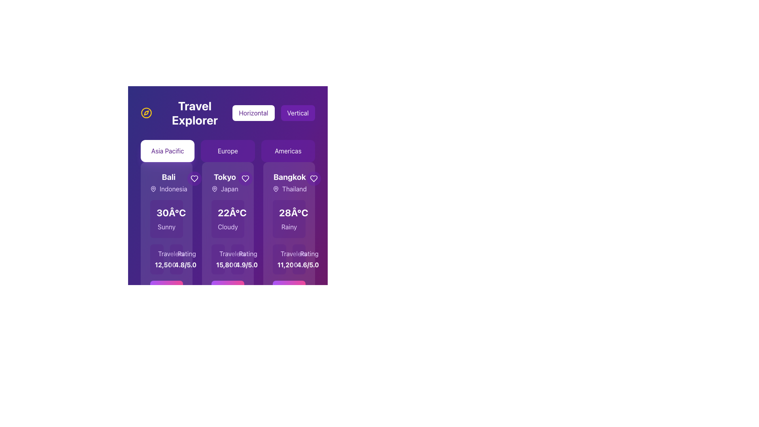 The width and height of the screenshot is (759, 427). I want to click on the outlined pin icon located below the title 'Tokyo' and above the text '22°C', aligned in the middle of the Tokyo card, so click(214, 189).